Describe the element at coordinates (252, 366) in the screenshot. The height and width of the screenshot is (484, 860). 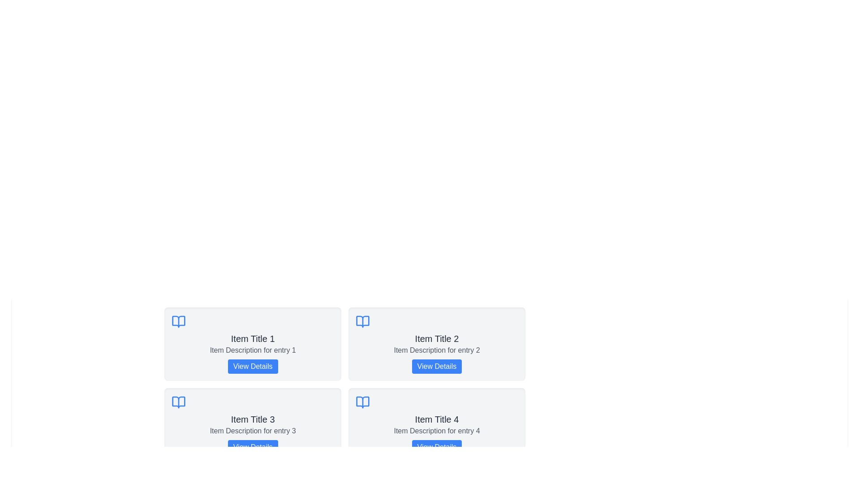
I see `the button located at the bottom section of the card labeled 'Item Title 1'` at that location.